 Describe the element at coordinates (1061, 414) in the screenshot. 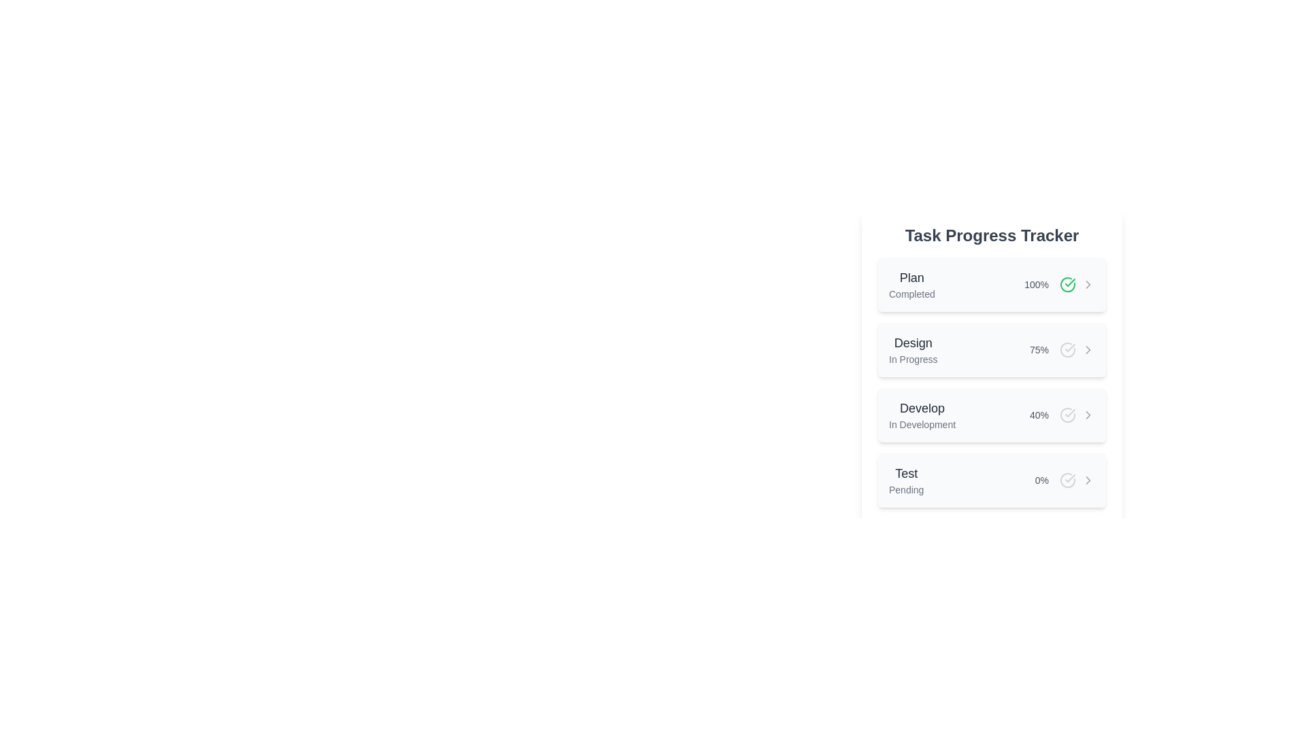

I see `the text label indicating the progress percentage (40%) within the 'Develop In Development' section of the task tracker interface, located to the right of the circular checkmark icon and to the left of the right-pointing arrow` at that location.